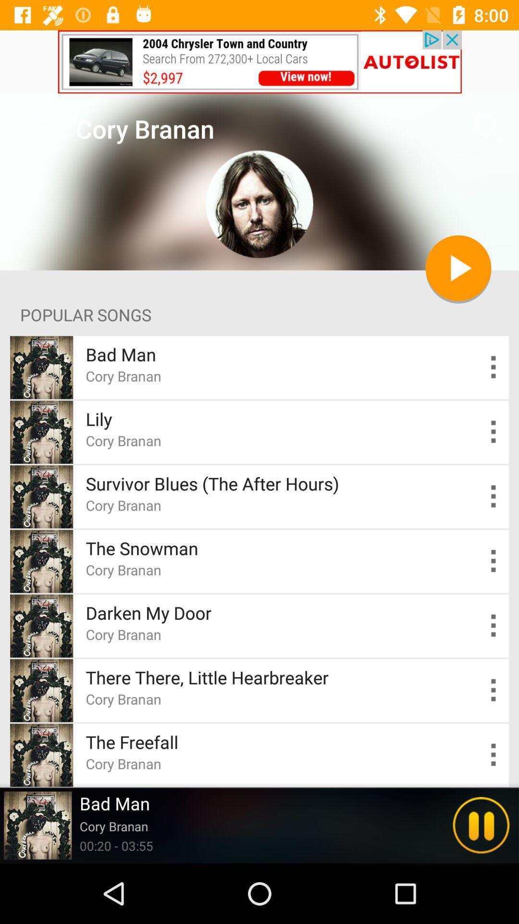 The height and width of the screenshot is (924, 519). Describe the element at coordinates (494, 431) in the screenshot. I see `the more icon` at that location.